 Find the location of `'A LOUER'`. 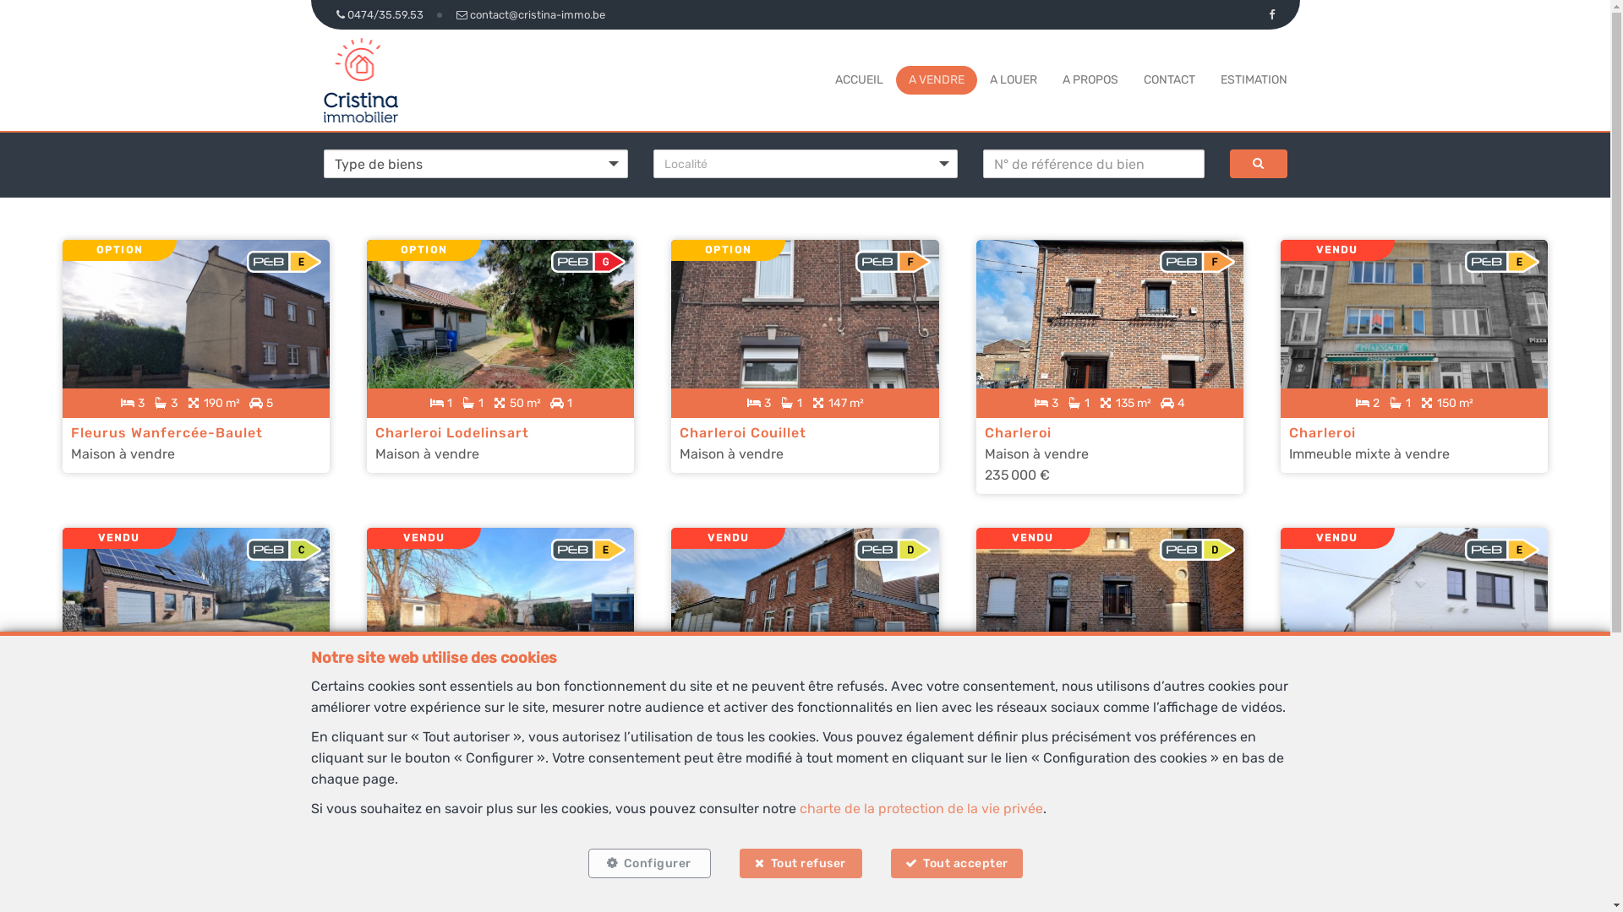

'A LOUER' is located at coordinates (1013, 79).